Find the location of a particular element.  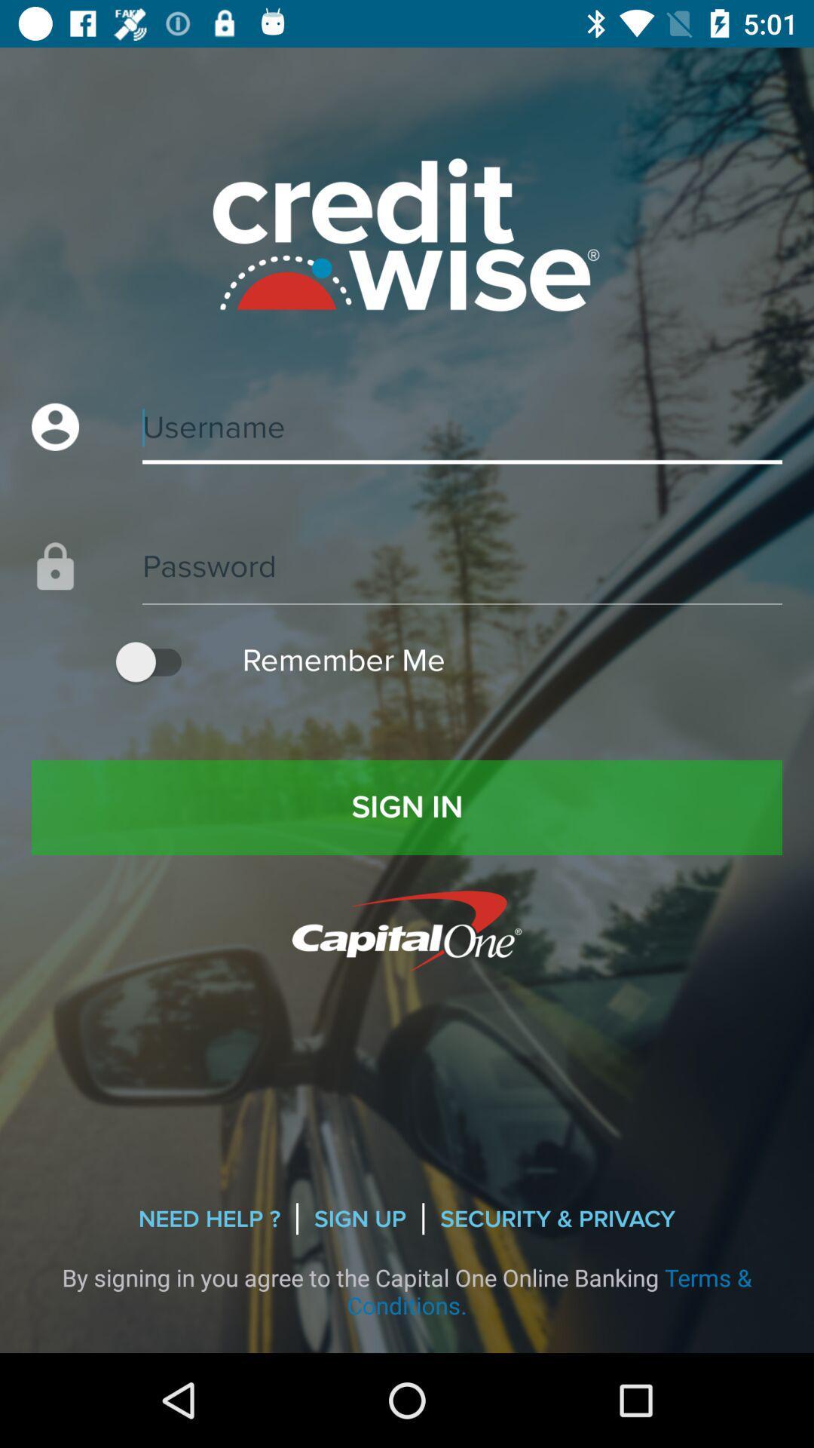

the password text field is located at coordinates (407, 550).